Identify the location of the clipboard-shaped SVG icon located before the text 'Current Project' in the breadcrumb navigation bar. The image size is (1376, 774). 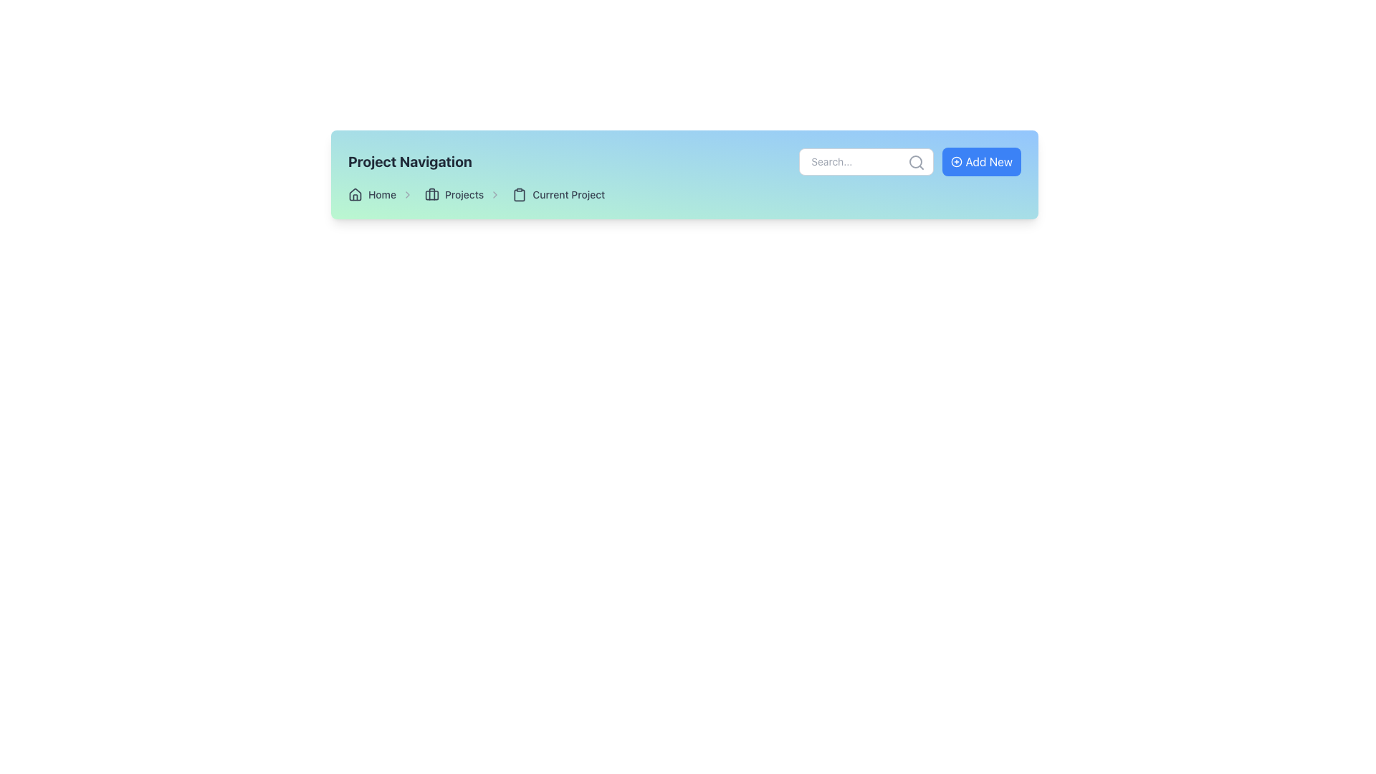
(519, 195).